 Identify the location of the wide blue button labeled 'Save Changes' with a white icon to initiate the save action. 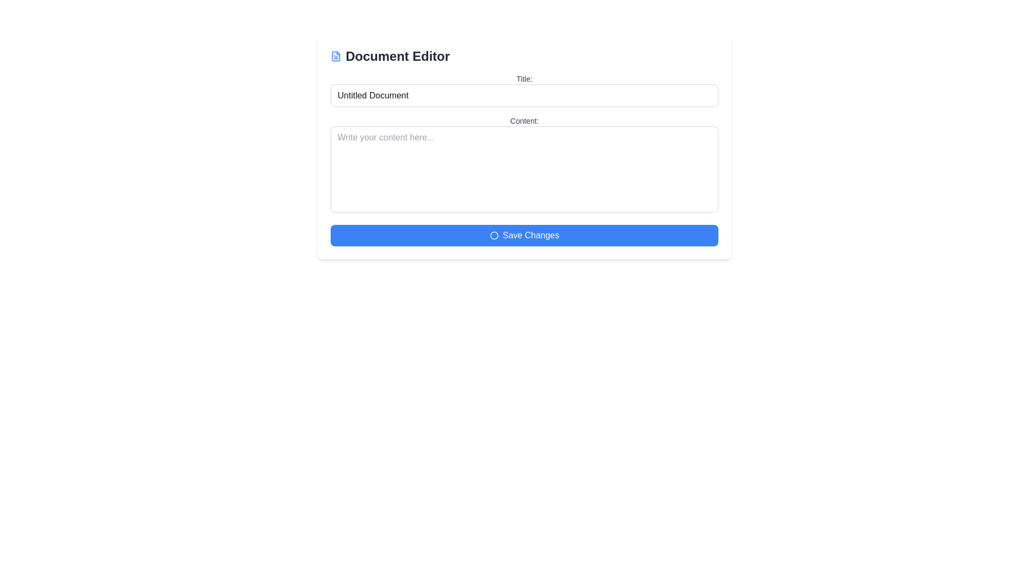
(525, 235).